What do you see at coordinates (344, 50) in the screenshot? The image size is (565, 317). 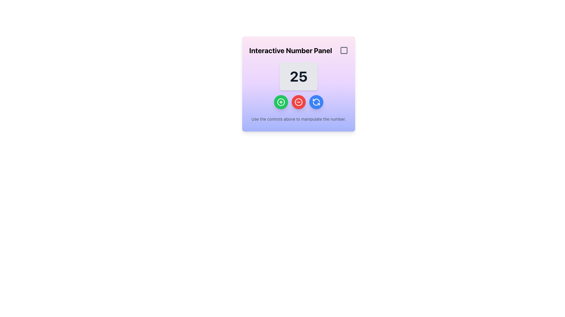 I see `the close button located in the top-right corner of the Interactive Number Panel` at bounding box center [344, 50].